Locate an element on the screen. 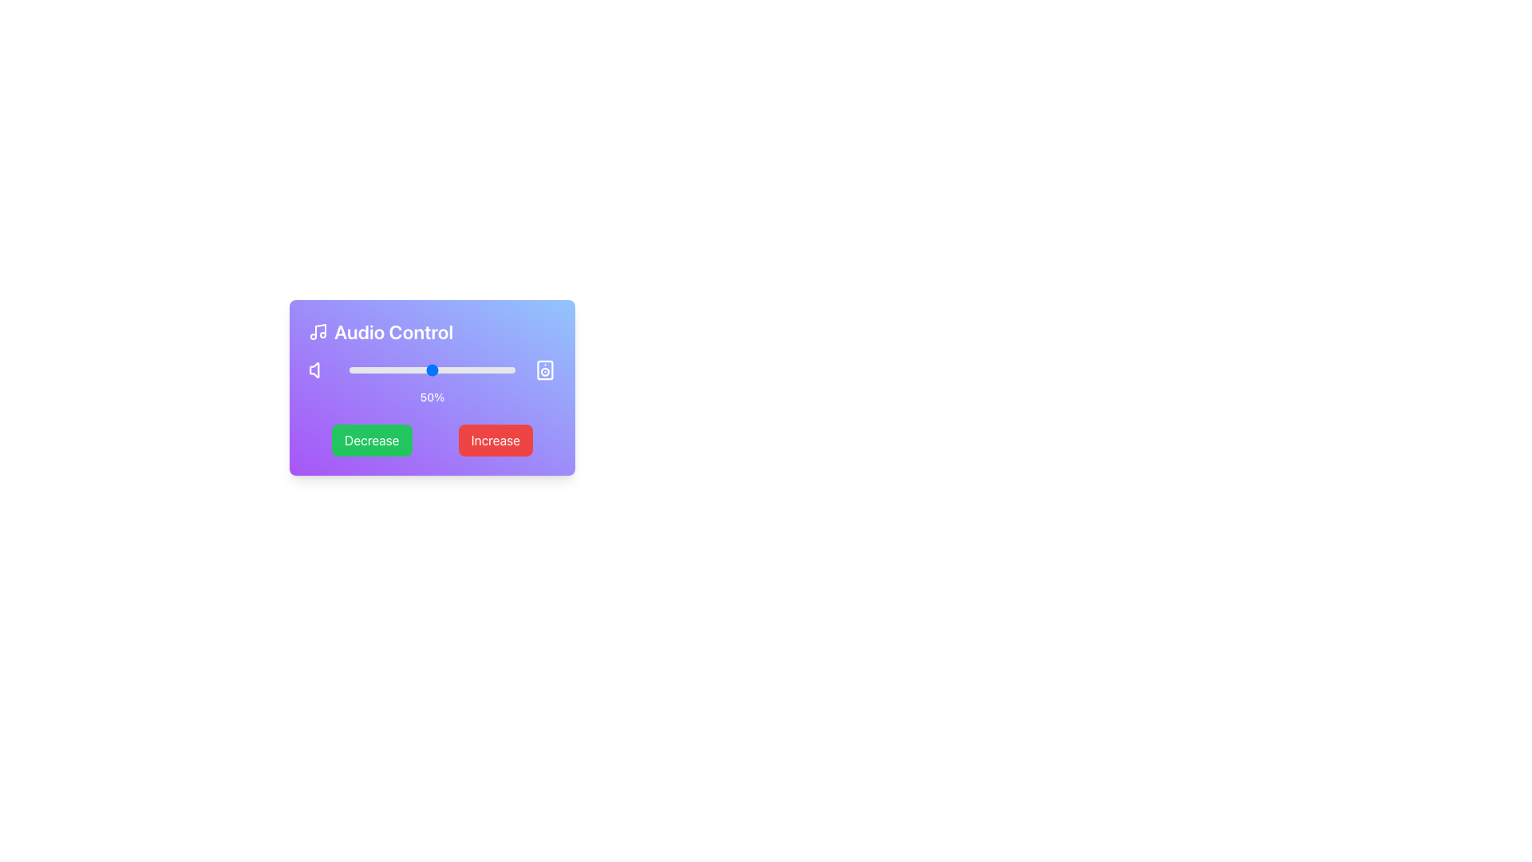 The image size is (1532, 862). the music-related icon in the 'Audio Control' title bar, which is the first element on the left of the text 'Audio Control' is located at coordinates (318, 331).